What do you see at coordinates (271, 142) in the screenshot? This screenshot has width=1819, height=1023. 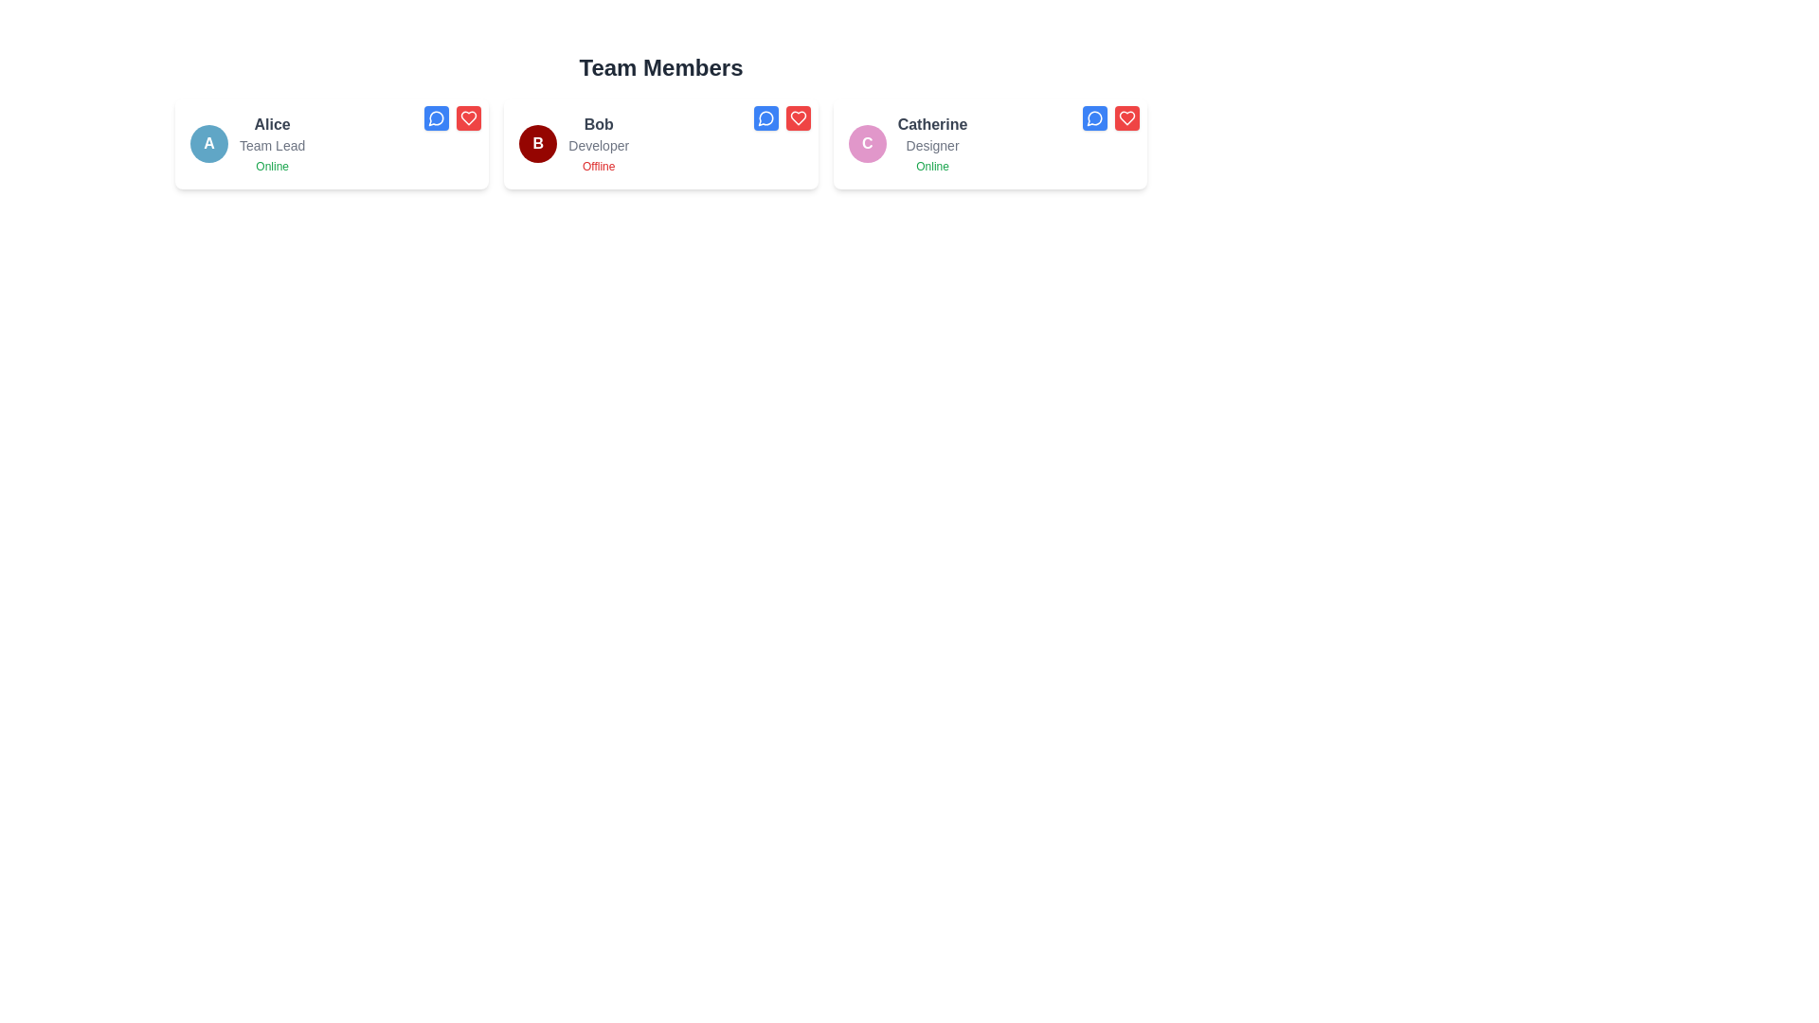 I see `information from the descriptive text block that displays the user's name, role, and status, located in the leftmost team member card next to the circle 'A' icon` at bounding box center [271, 142].